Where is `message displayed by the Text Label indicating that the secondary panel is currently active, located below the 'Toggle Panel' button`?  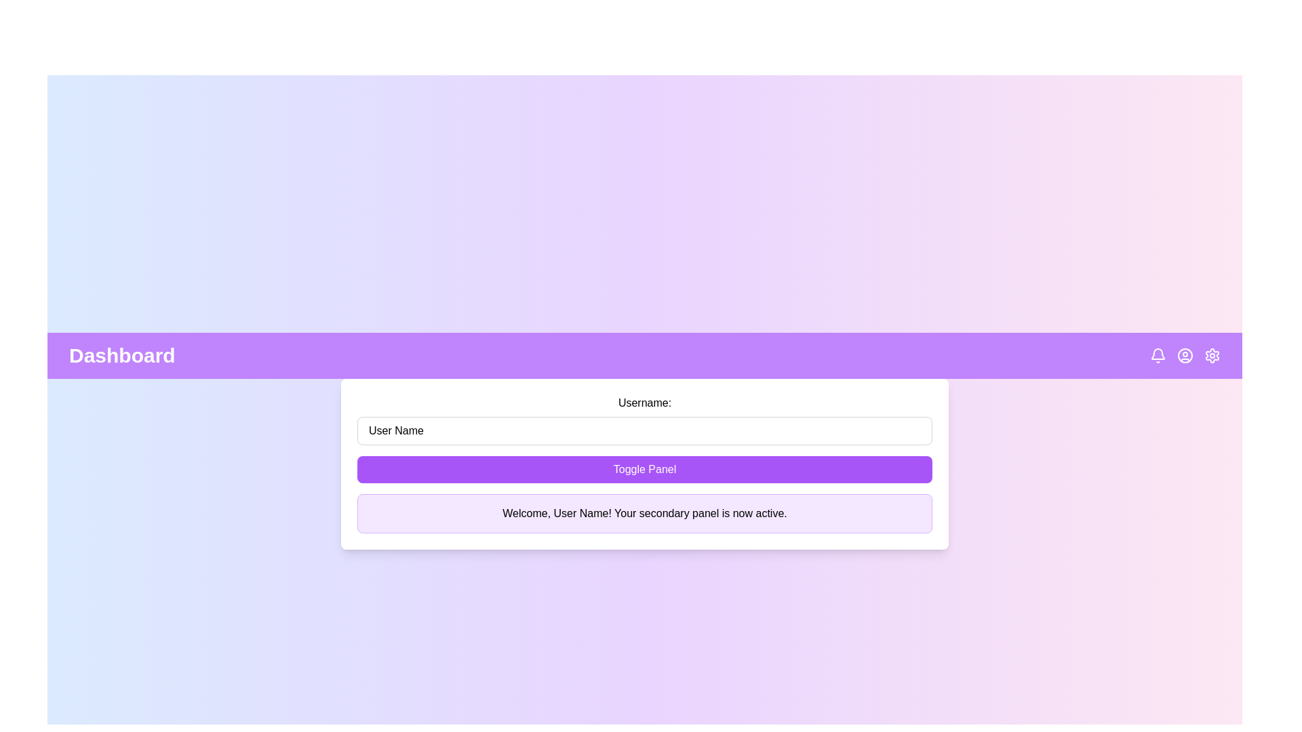
message displayed by the Text Label indicating that the secondary panel is currently active, located below the 'Toggle Panel' button is located at coordinates (644, 514).